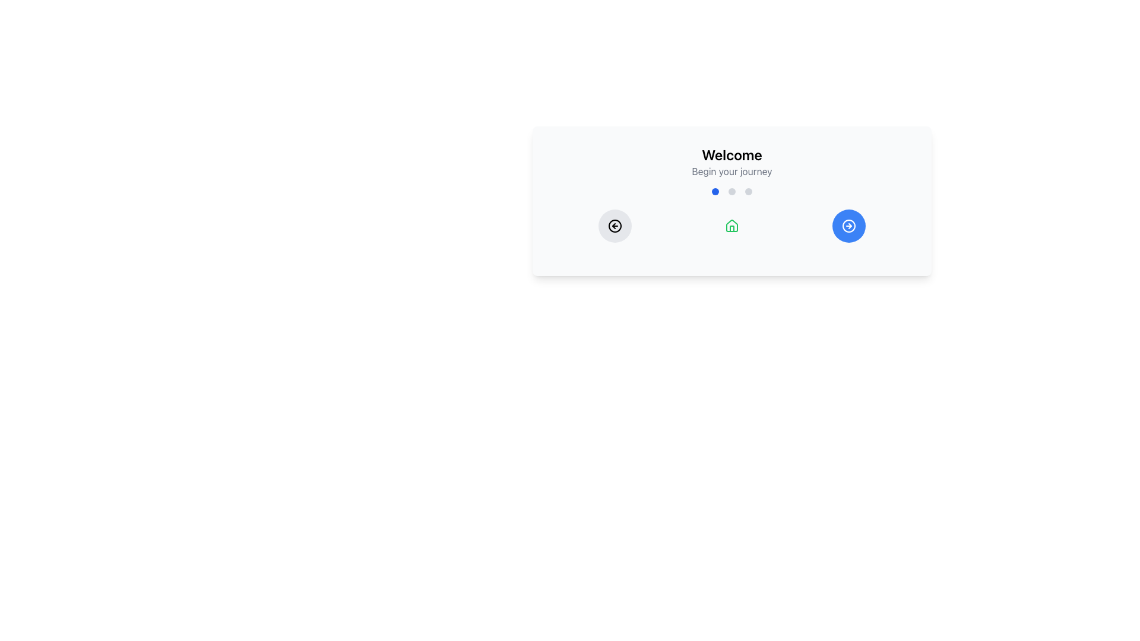  I want to click on the text element displaying 'Begin your journey', which is styled in gray and positioned directly beneath the 'Welcome' heading, so click(731, 172).